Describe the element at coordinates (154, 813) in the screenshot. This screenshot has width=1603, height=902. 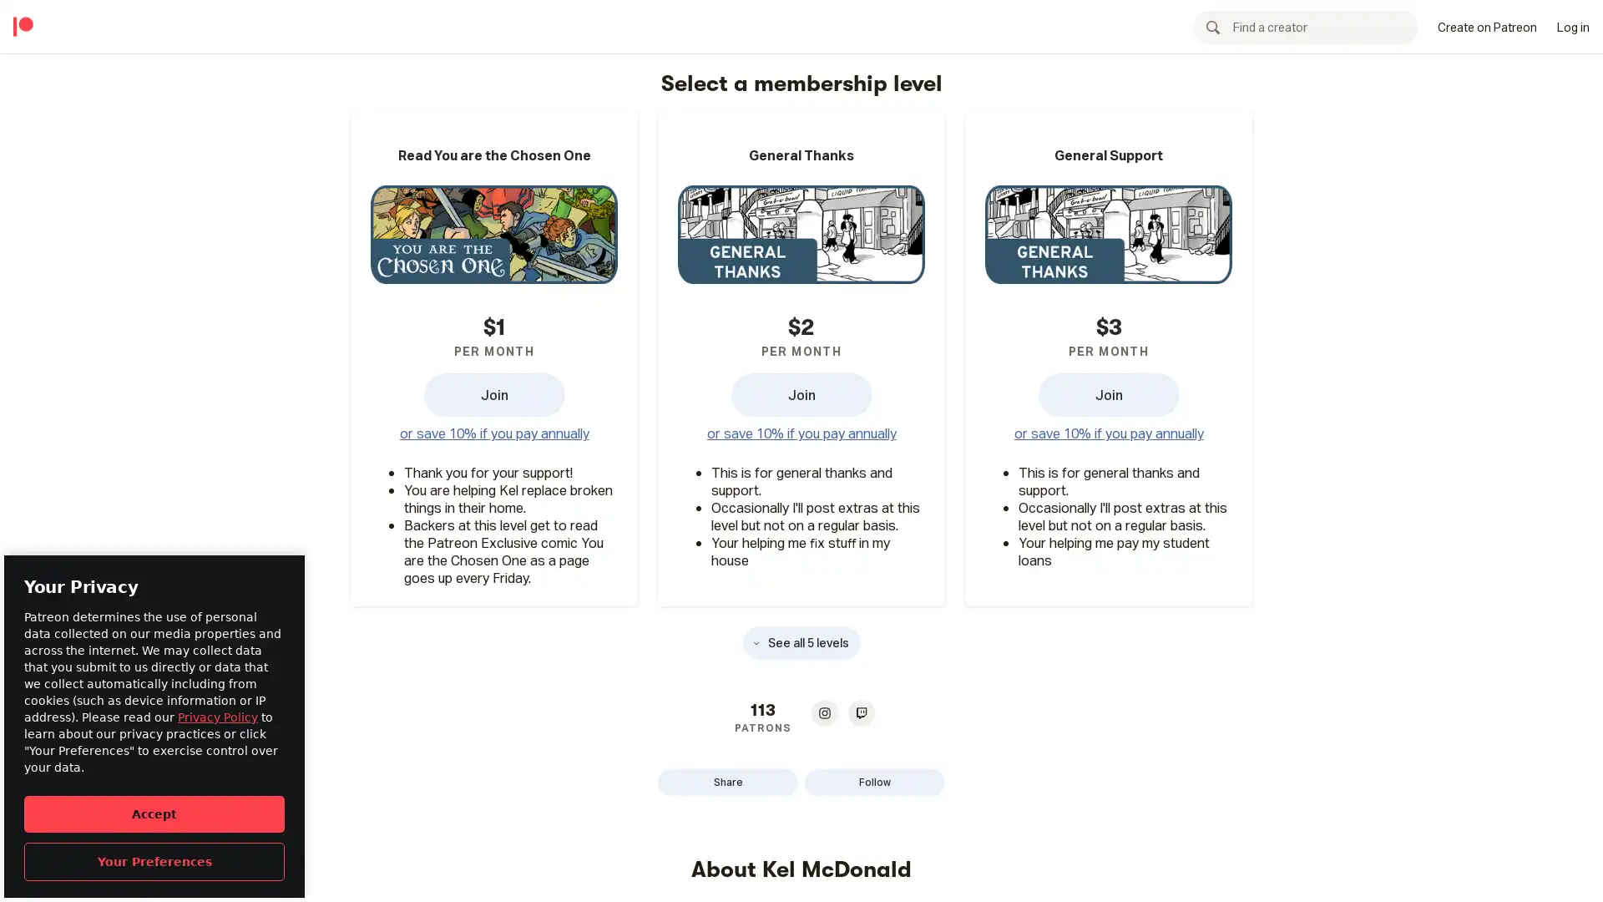
I see `Accept` at that location.